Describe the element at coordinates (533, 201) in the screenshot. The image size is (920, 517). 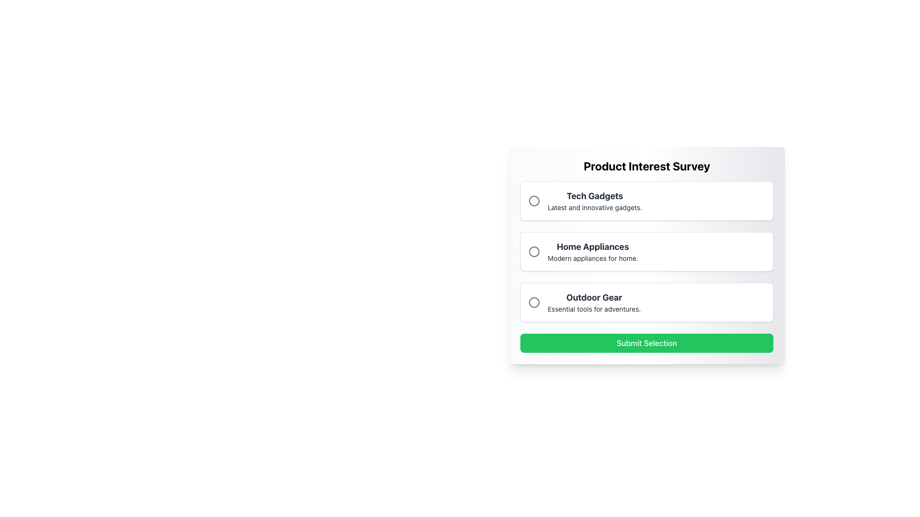
I see `the visual marker icon located at the top left of the 'Tech Gadgets' section, adjacent to the text content` at that location.